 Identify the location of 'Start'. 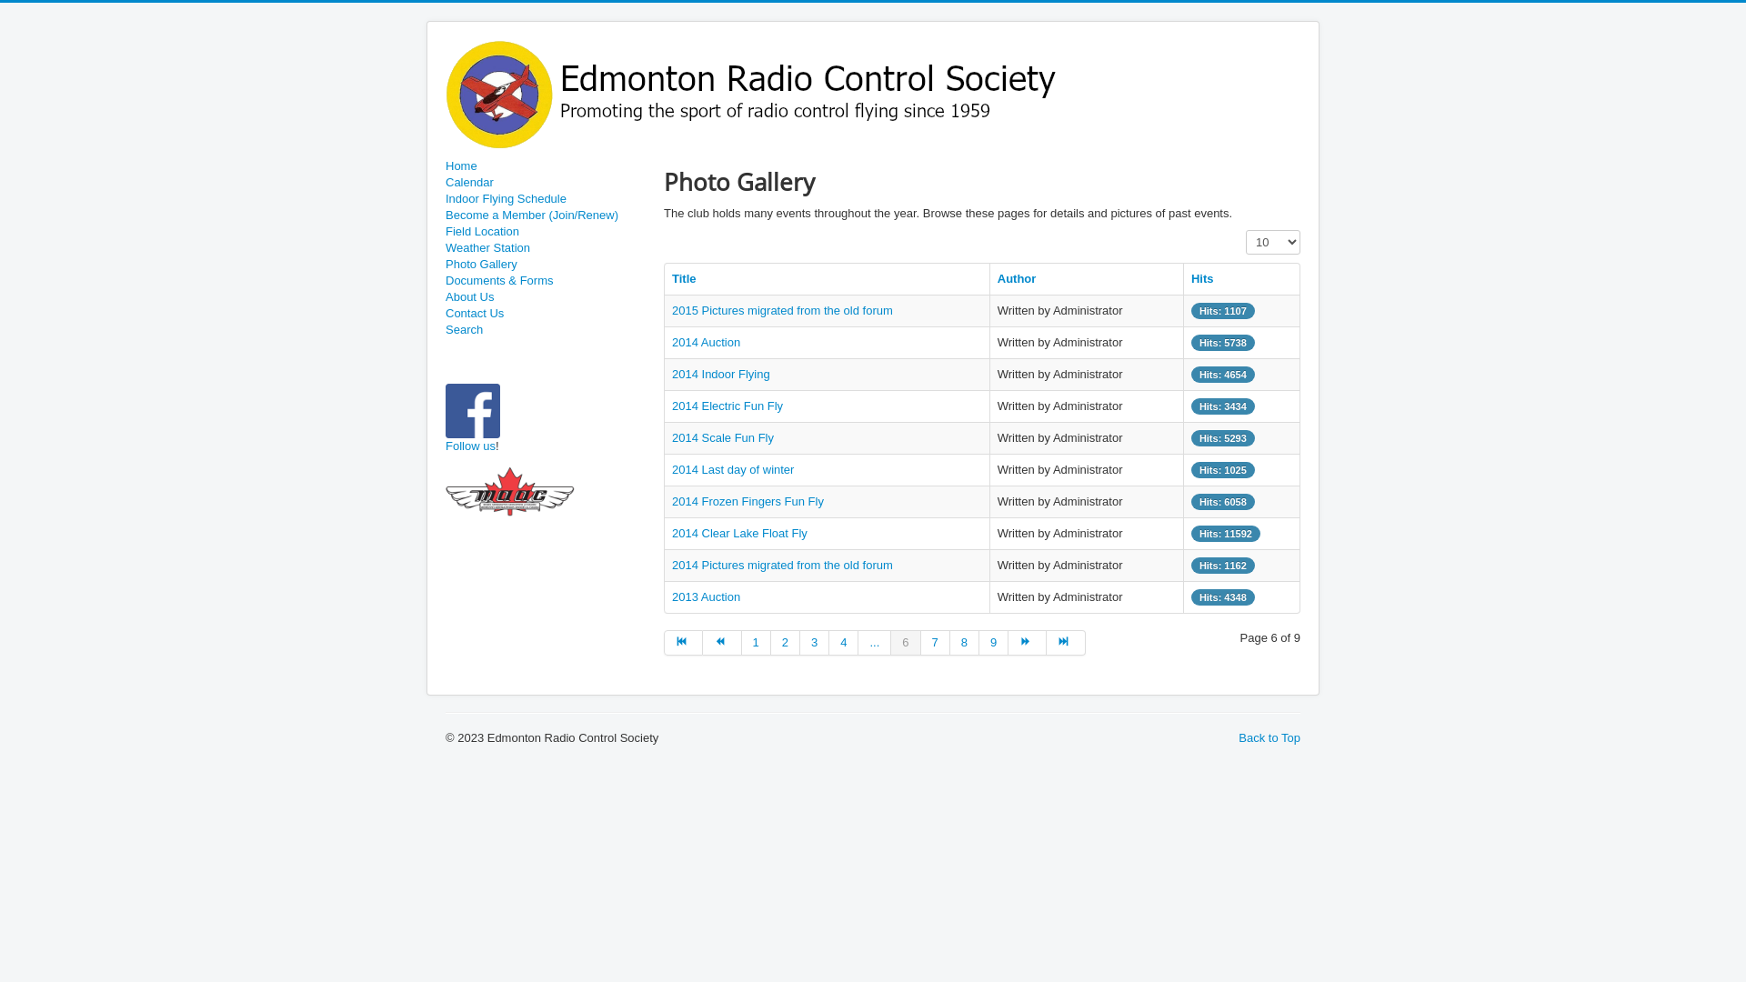
(682, 641).